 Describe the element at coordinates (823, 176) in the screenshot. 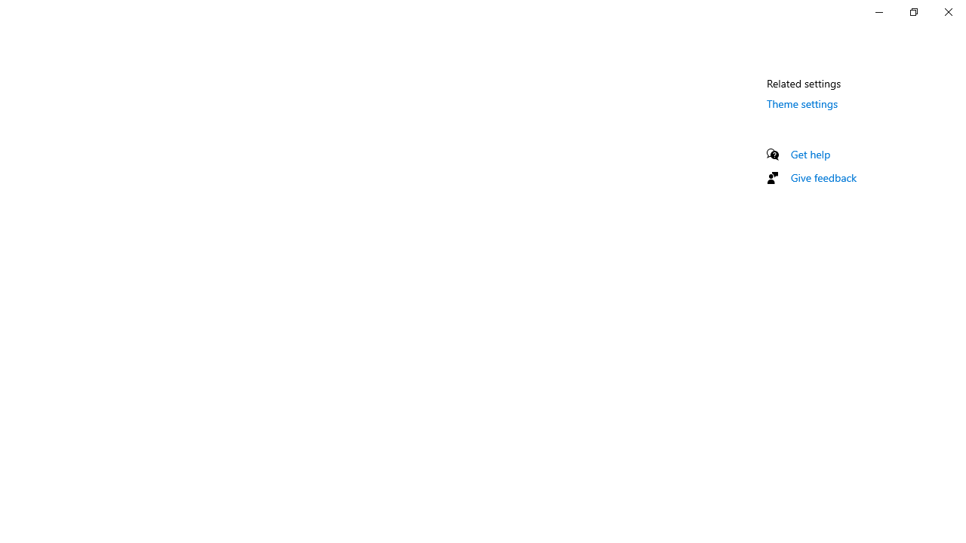

I see `'Give feedback'` at that location.